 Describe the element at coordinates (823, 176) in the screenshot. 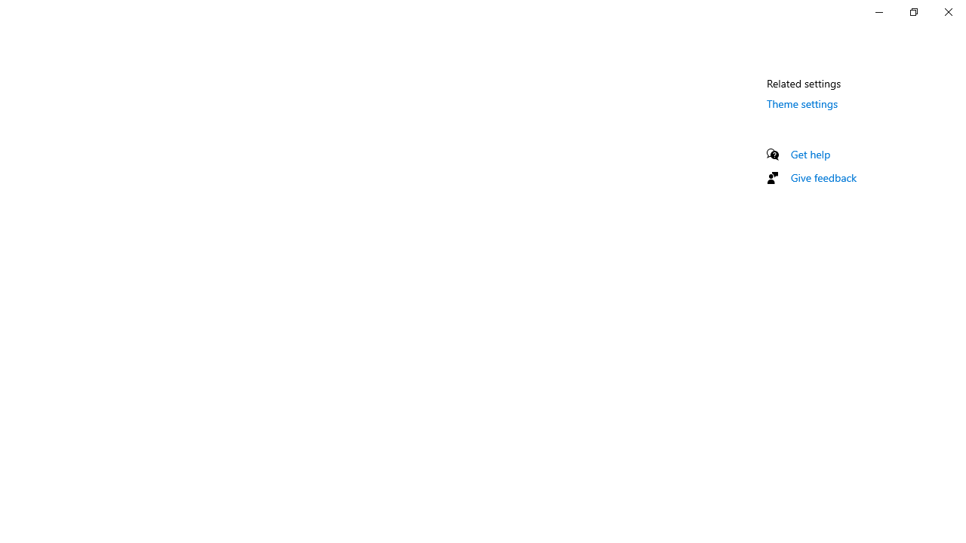

I see `'Give feedback'` at that location.